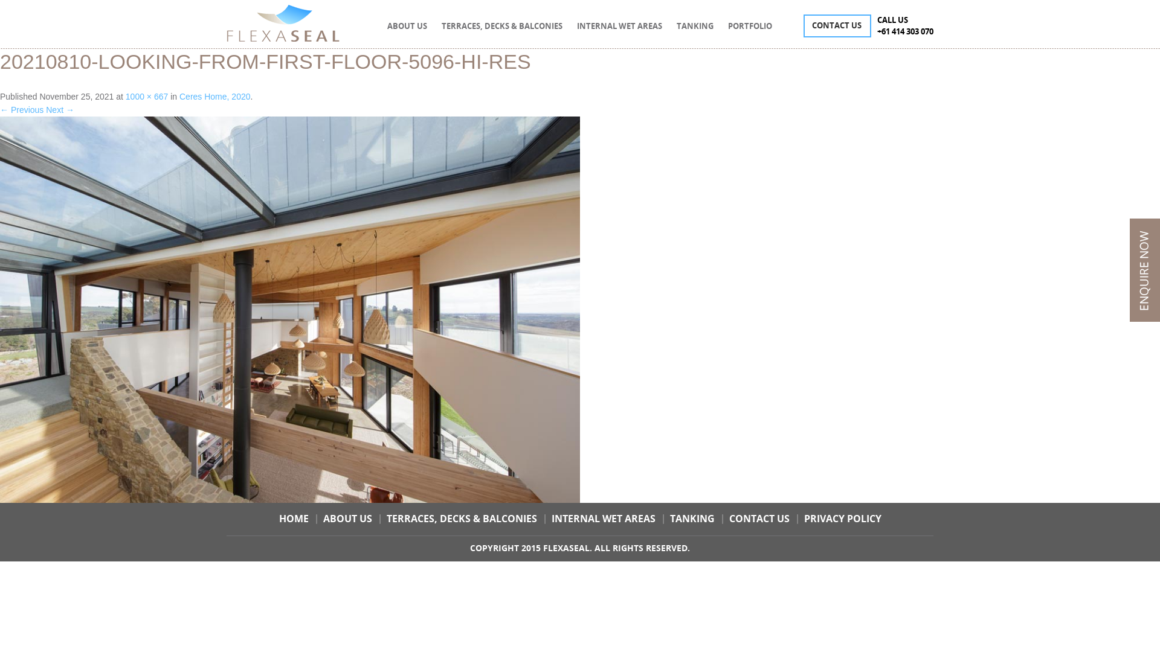 The width and height of the screenshot is (1160, 652). Describe the element at coordinates (803, 518) in the screenshot. I see `'PRIVACY POLICY'` at that location.